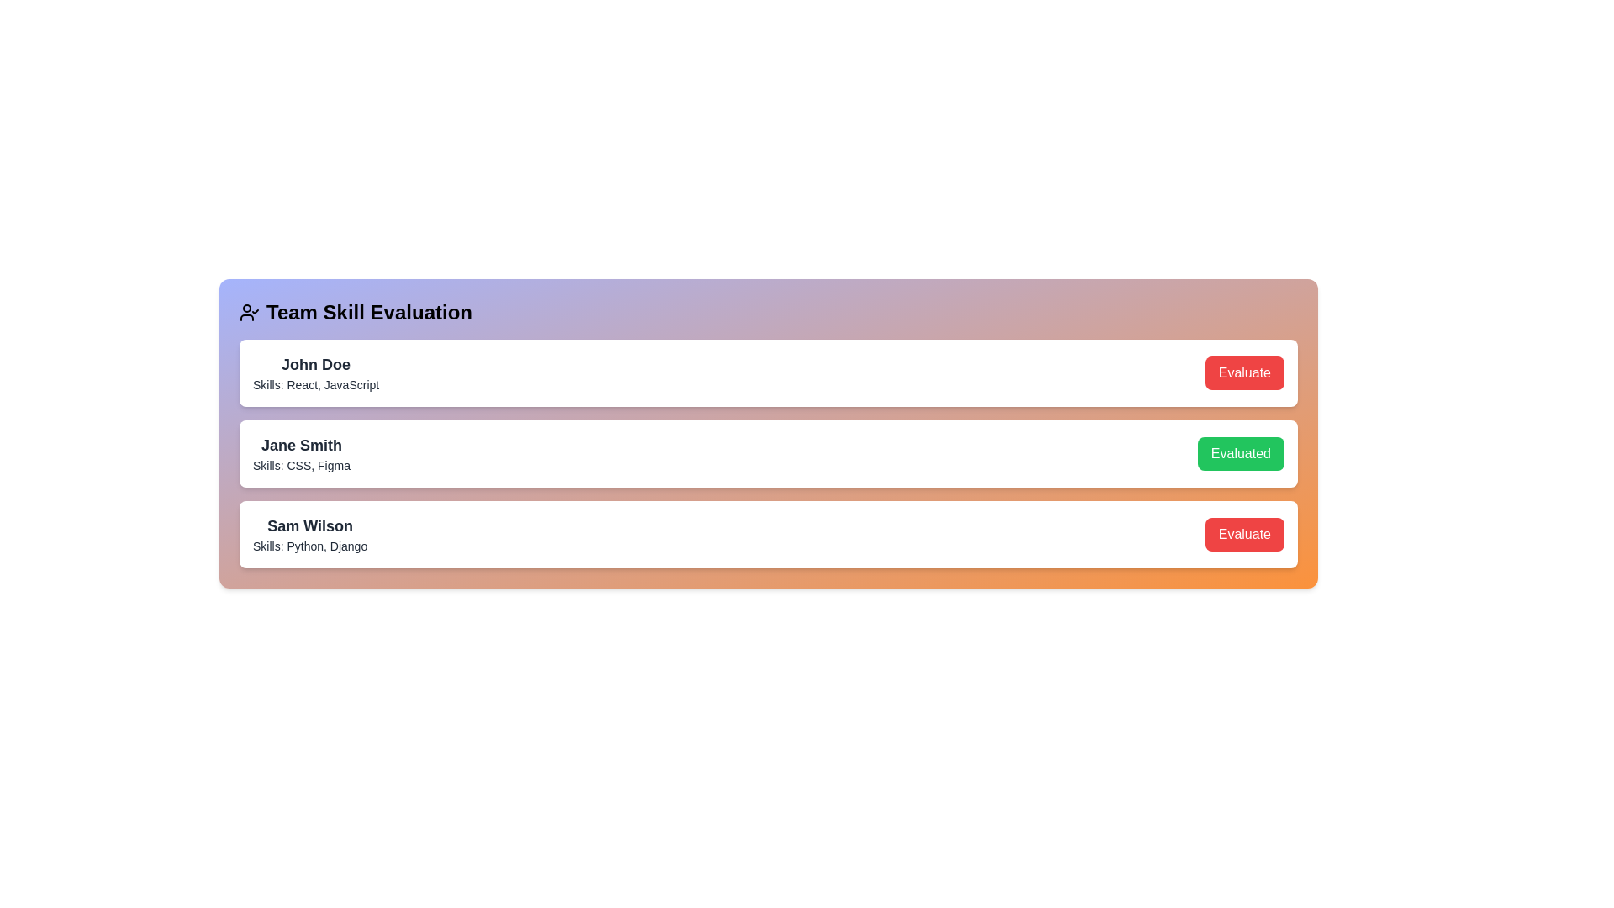 The width and height of the screenshot is (1614, 908). I want to click on the rectangular button with a red background and white text labeled 'Evaluate', so click(1244, 372).